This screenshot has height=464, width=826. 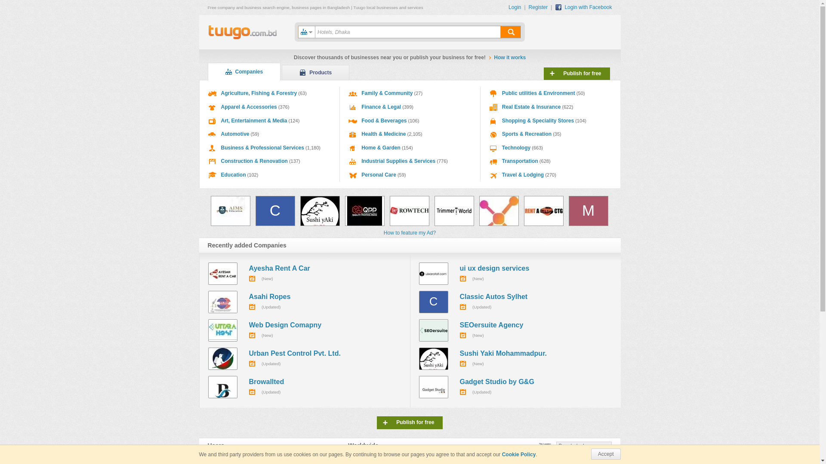 I want to click on 'Cookie Policy', so click(x=502, y=454).